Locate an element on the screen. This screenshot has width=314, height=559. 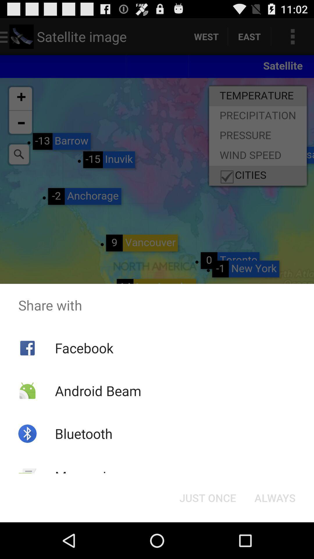
button next to just once button is located at coordinates (275, 497).